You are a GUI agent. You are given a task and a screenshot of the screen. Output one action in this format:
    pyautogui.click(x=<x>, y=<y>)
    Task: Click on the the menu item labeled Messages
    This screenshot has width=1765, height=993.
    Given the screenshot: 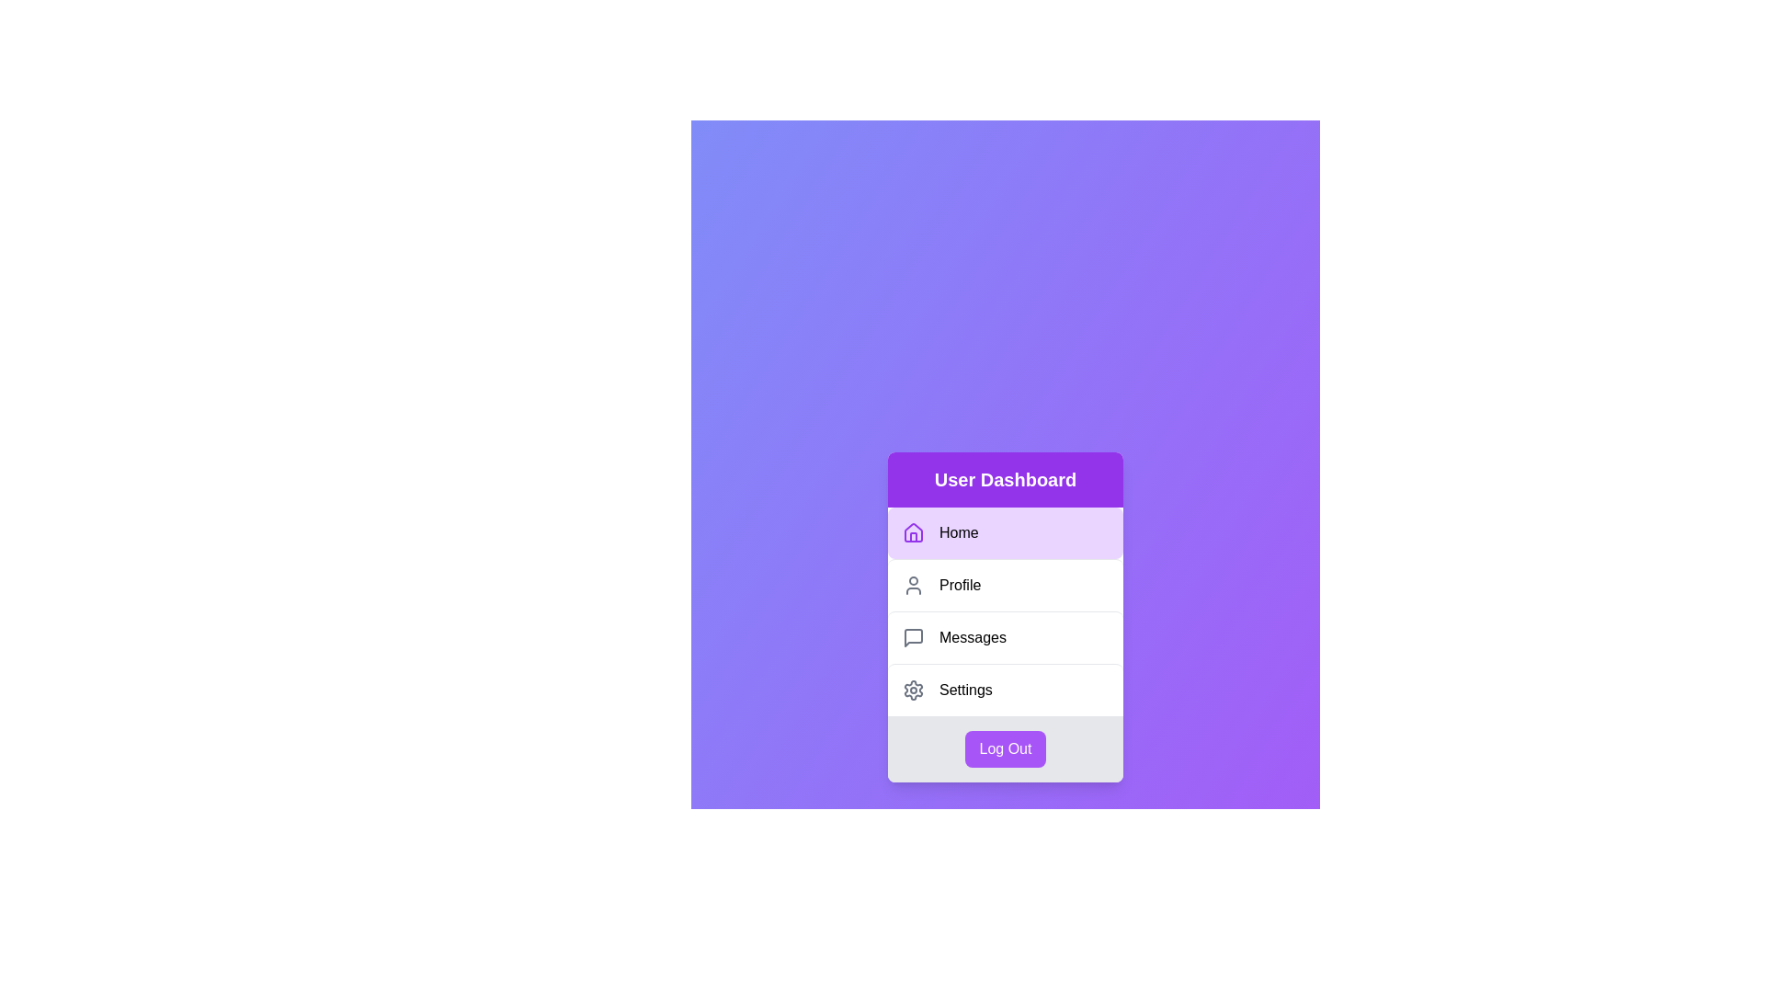 What is the action you would take?
    pyautogui.click(x=1005, y=636)
    